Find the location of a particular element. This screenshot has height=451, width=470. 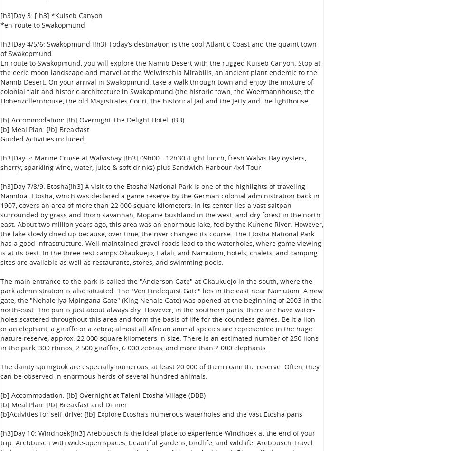

'[h3]Day 3: [!h3] *Kuiseb Canyon' is located at coordinates (51, 15).